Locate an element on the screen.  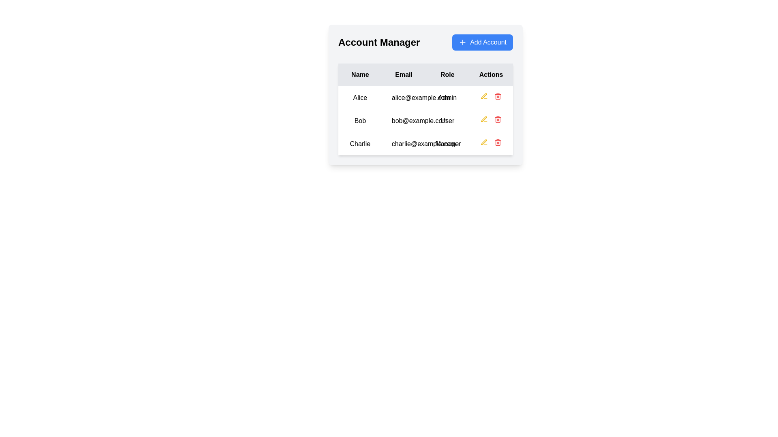
the edit icon in the 'Actions' column of the data table associated with 'Alice' is located at coordinates (484, 142).